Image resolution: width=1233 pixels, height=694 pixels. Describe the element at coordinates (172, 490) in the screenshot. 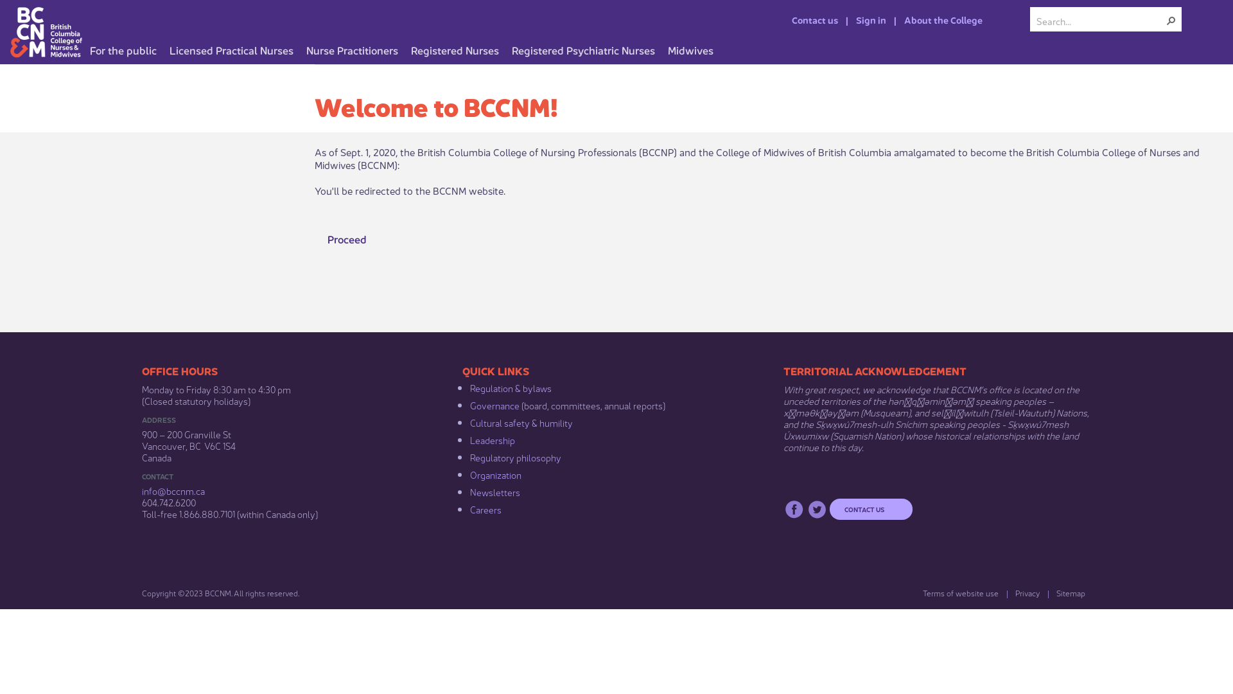

I see `'info@bccnm.ca'` at that location.